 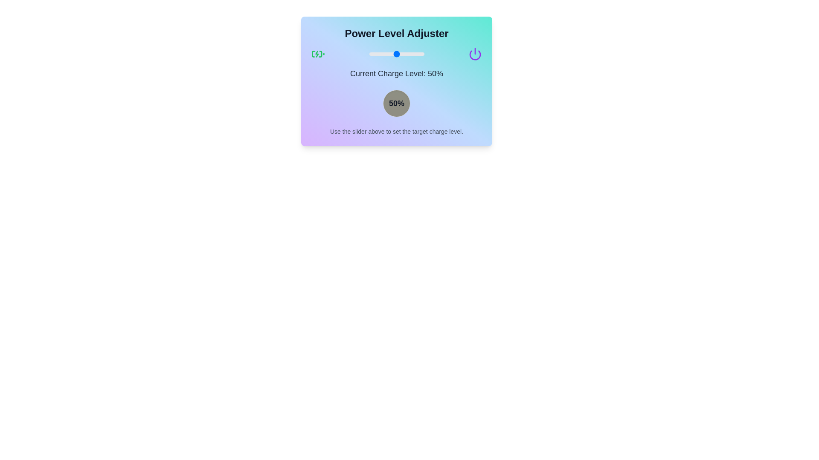 What do you see at coordinates (396, 54) in the screenshot?
I see `the range slider located at the center of the card, directly below the 'Power Level Adjuster' title text and above the 'Current Charge Level: 50%' section` at bounding box center [396, 54].